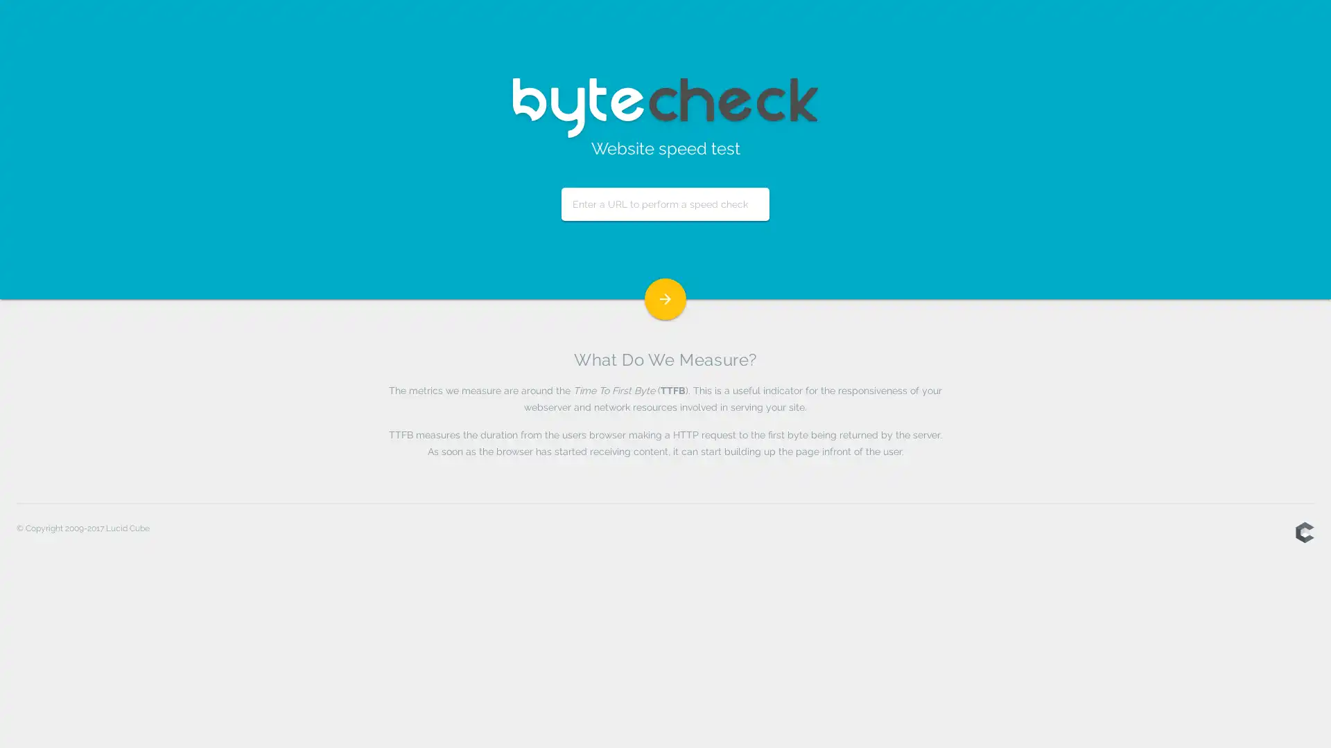 Image resolution: width=1331 pixels, height=748 pixels. I want to click on arrow_forward, so click(665, 299).